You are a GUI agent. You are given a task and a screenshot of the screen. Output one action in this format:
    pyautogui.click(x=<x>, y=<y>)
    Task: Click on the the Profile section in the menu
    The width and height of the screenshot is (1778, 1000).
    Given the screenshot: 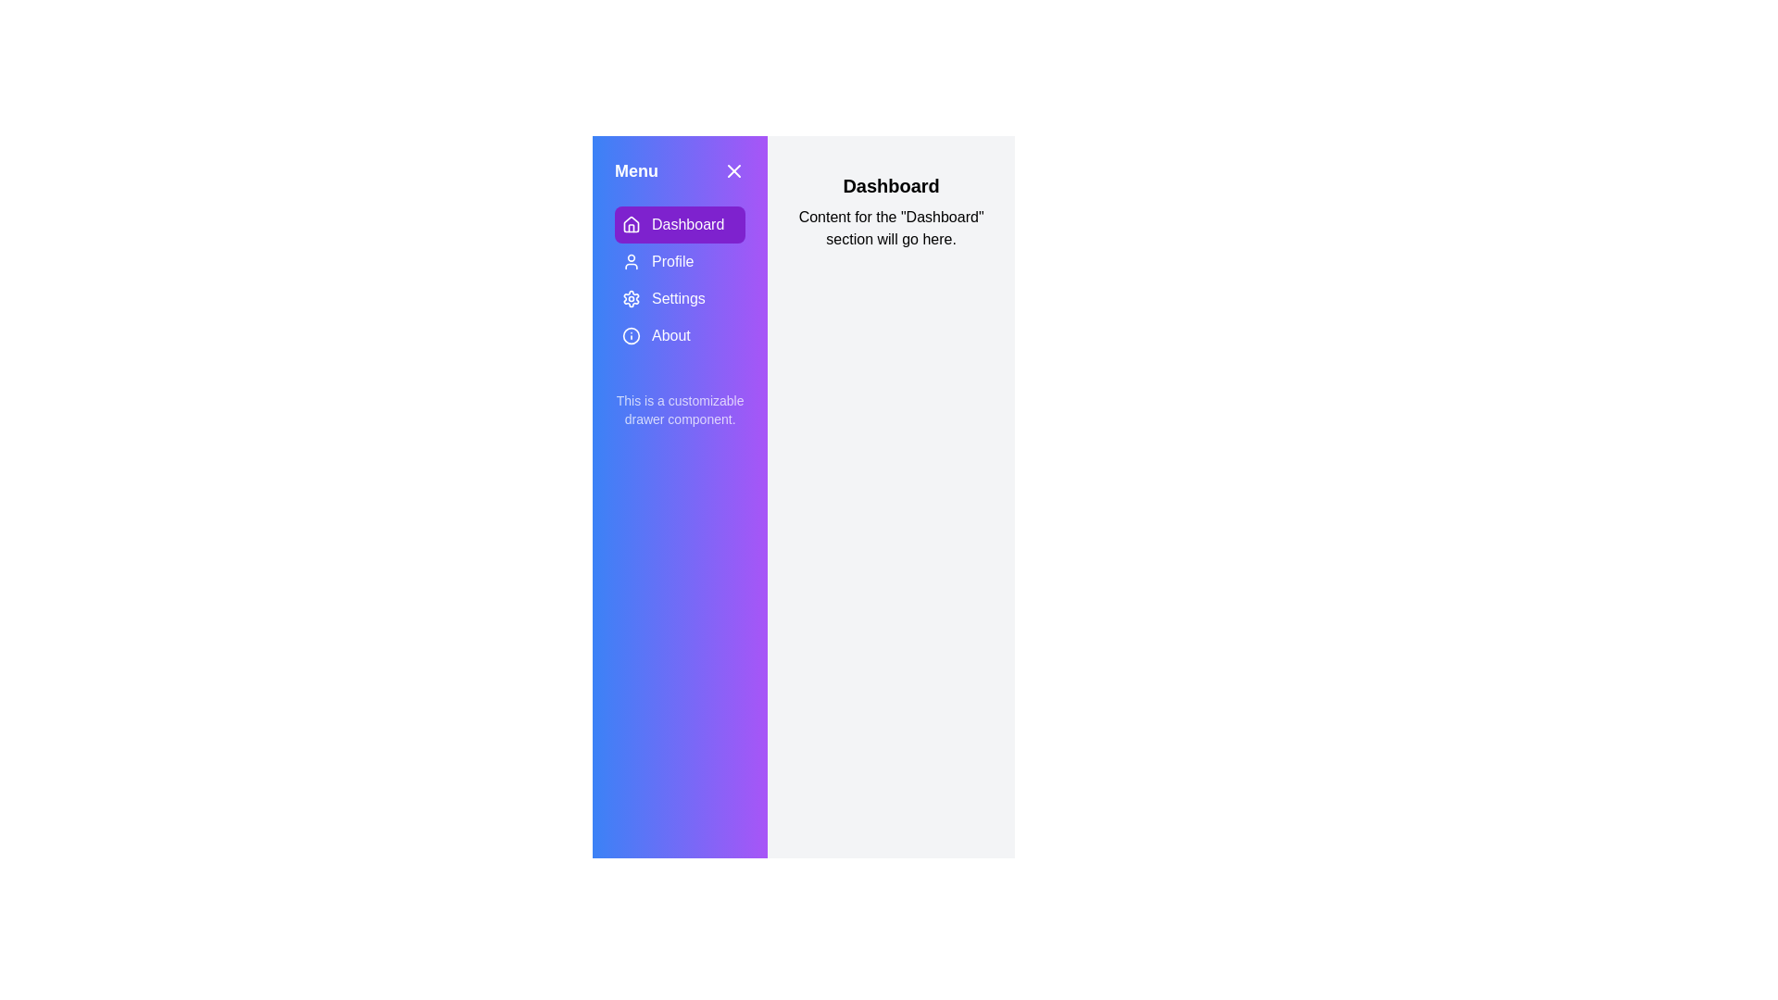 What is the action you would take?
    pyautogui.click(x=679, y=261)
    